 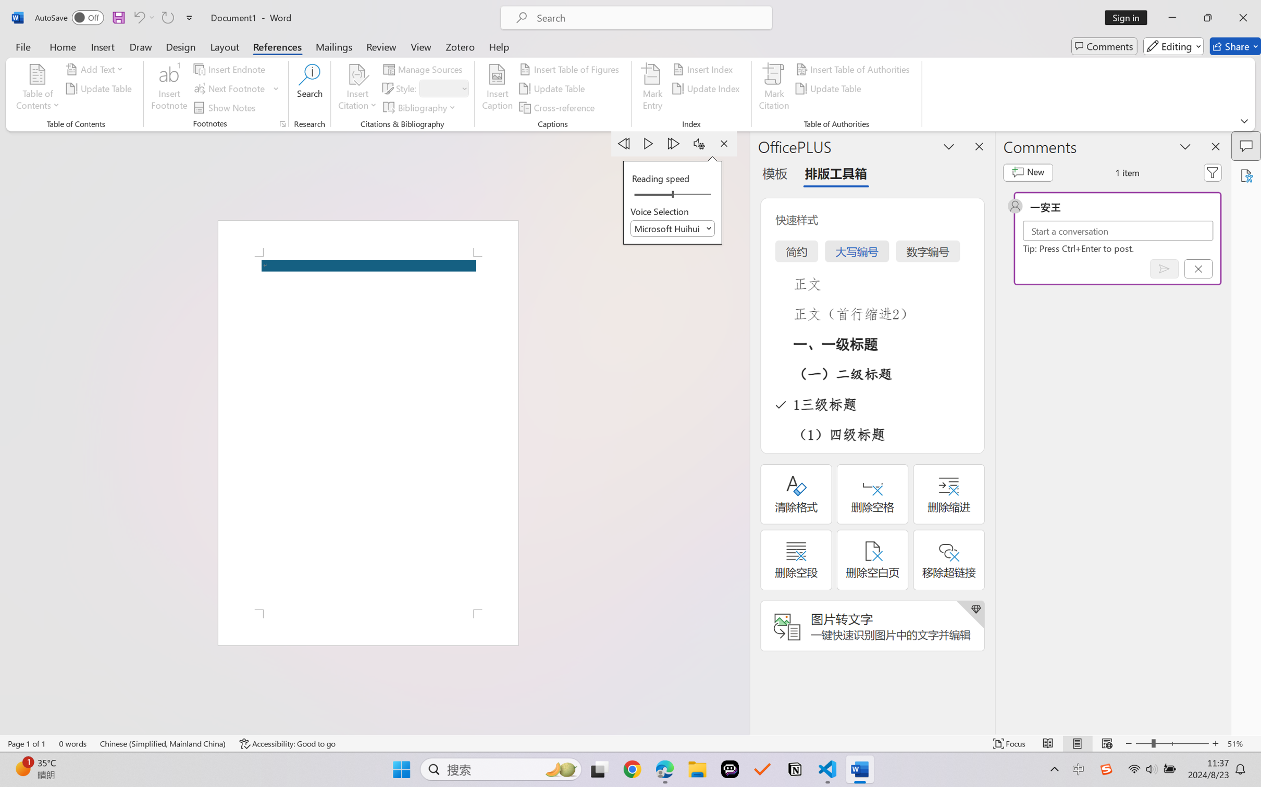 What do you see at coordinates (830, 88) in the screenshot?
I see `'Update Table'` at bounding box center [830, 88].